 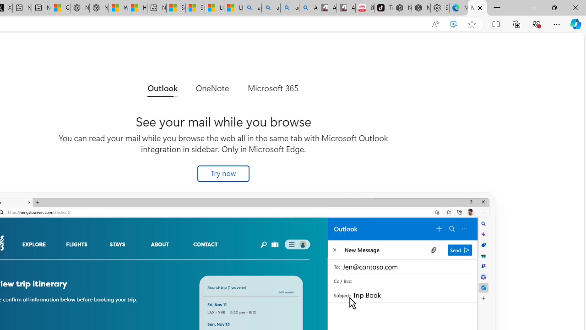 What do you see at coordinates (420, 8) in the screenshot?
I see `'Nordace Siena Pro 15 Backpack'` at bounding box center [420, 8].